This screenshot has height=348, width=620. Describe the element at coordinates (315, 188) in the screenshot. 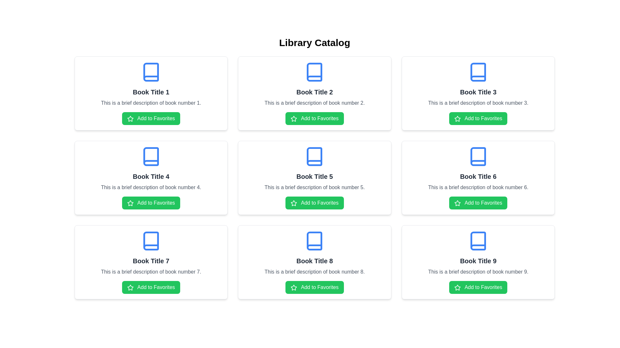

I see `the descriptive text label providing additional details about 'Book Title 5', located directly below the title and above the 'Add to Favorites' button` at that location.